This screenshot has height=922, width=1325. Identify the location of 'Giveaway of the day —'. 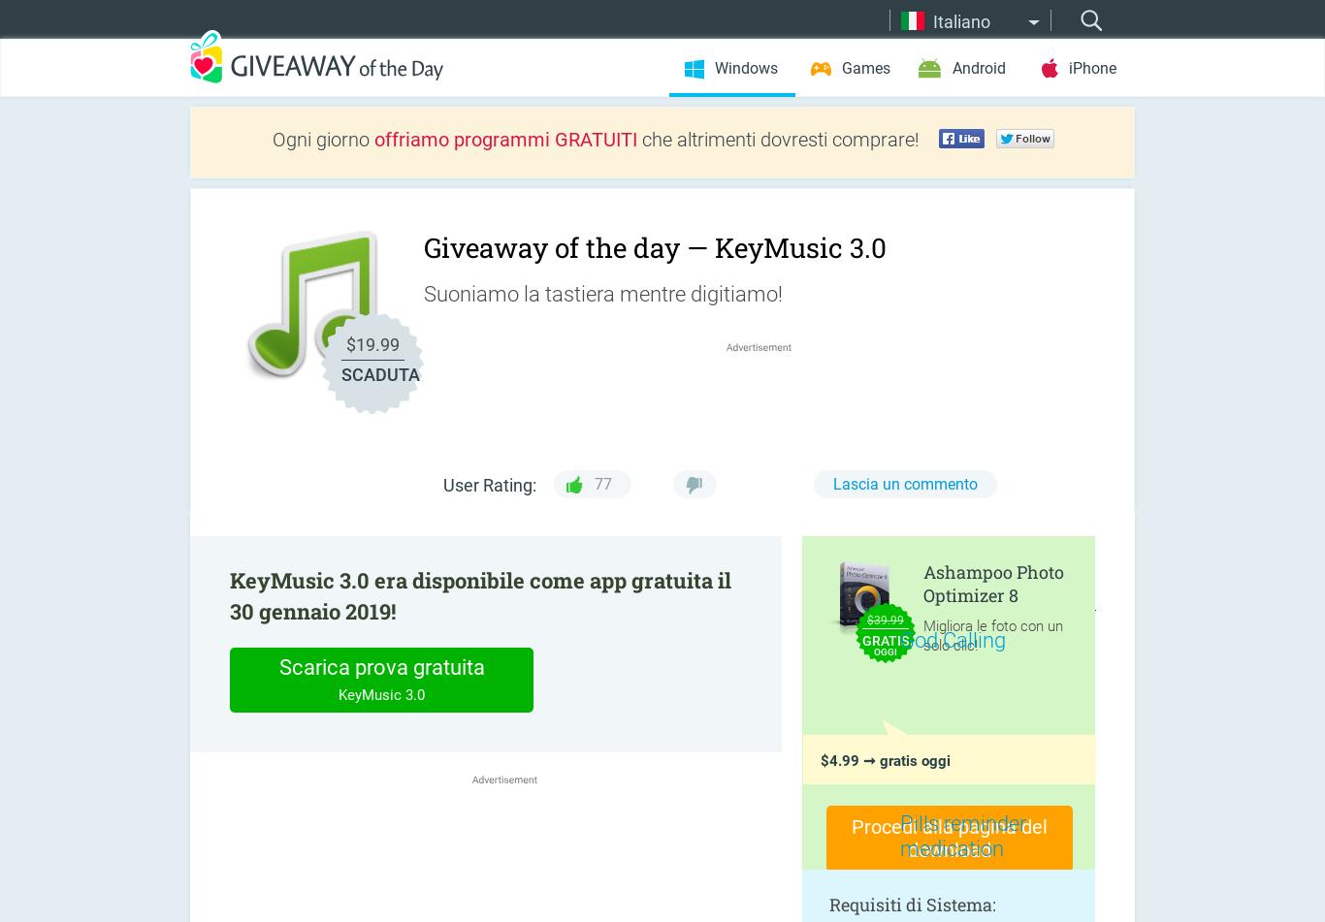
(422, 247).